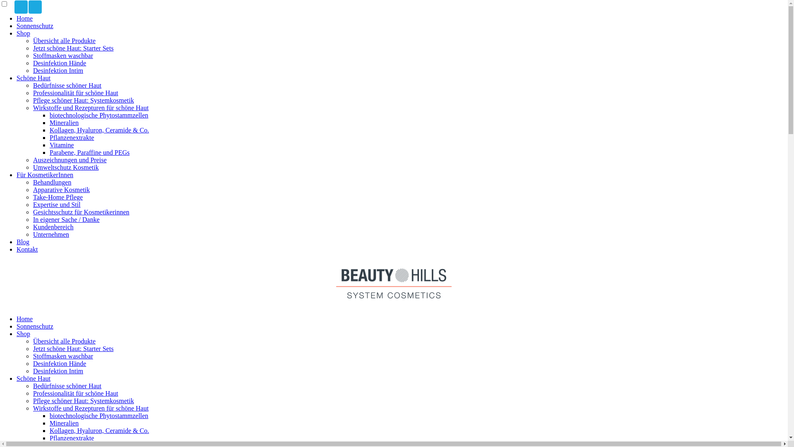 Image resolution: width=794 pixels, height=447 pixels. What do you see at coordinates (50, 234) in the screenshot?
I see `'Unternehmen'` at bounding box center [50, 234].